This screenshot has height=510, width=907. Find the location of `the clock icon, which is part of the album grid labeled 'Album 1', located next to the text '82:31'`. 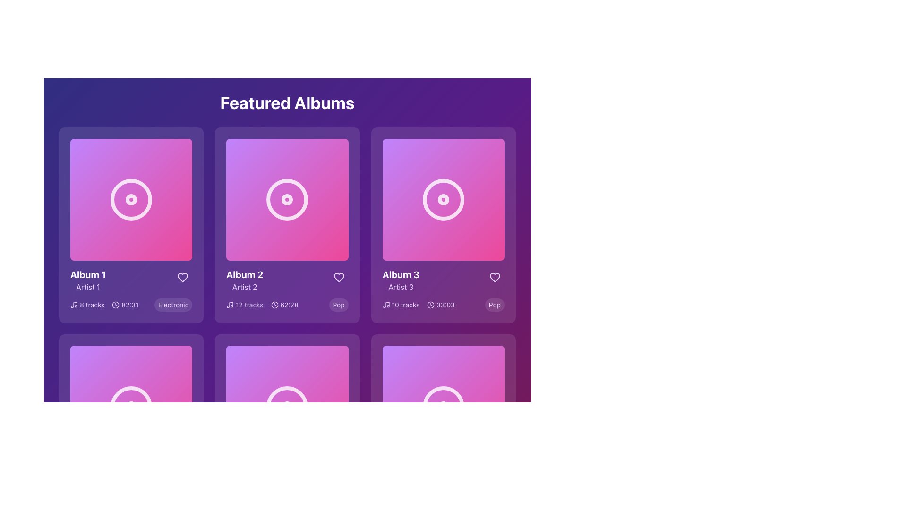

the clock icon, which is part of the album grid labeled 'Album 1', located next to the text '82:31' is located at coordinates (115, 305).